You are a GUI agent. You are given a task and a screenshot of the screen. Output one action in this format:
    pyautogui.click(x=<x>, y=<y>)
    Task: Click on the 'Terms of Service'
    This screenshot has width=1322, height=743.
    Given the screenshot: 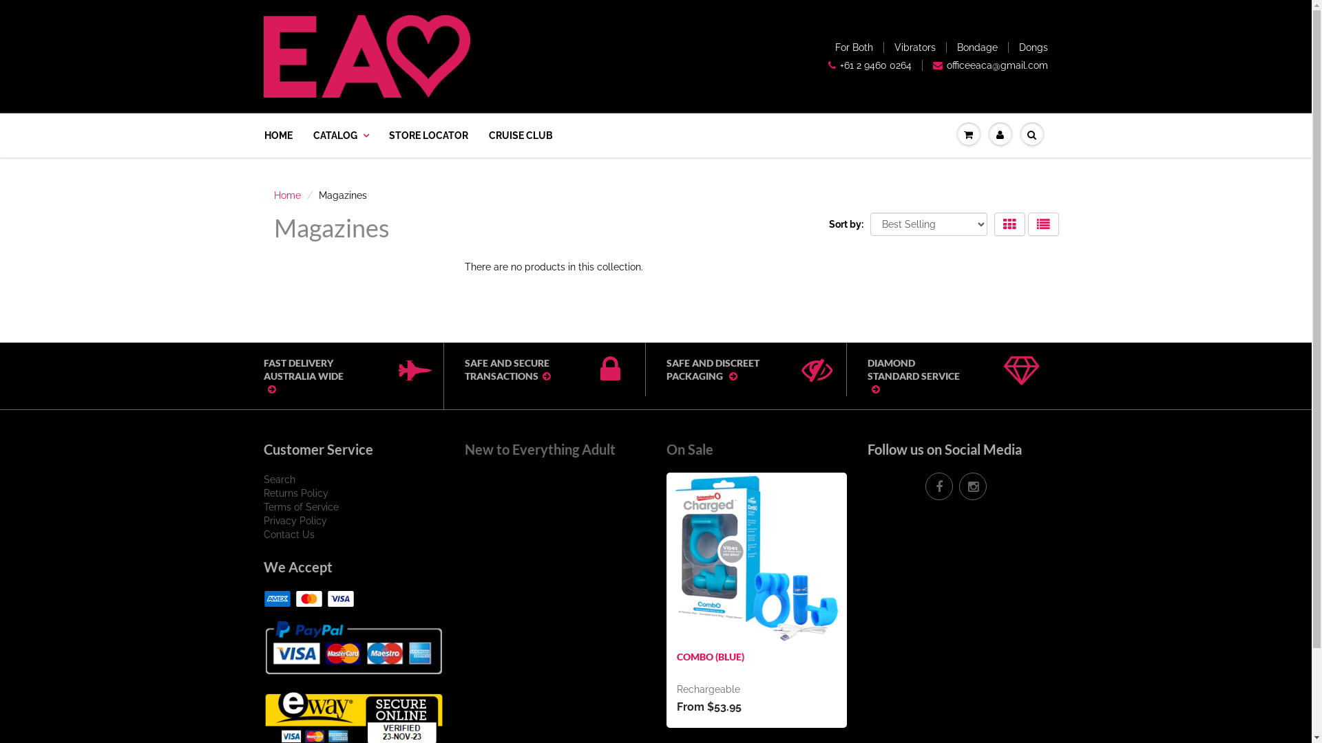 What is the action you would take?
    pyautogui.click(x=300, y=506)
    